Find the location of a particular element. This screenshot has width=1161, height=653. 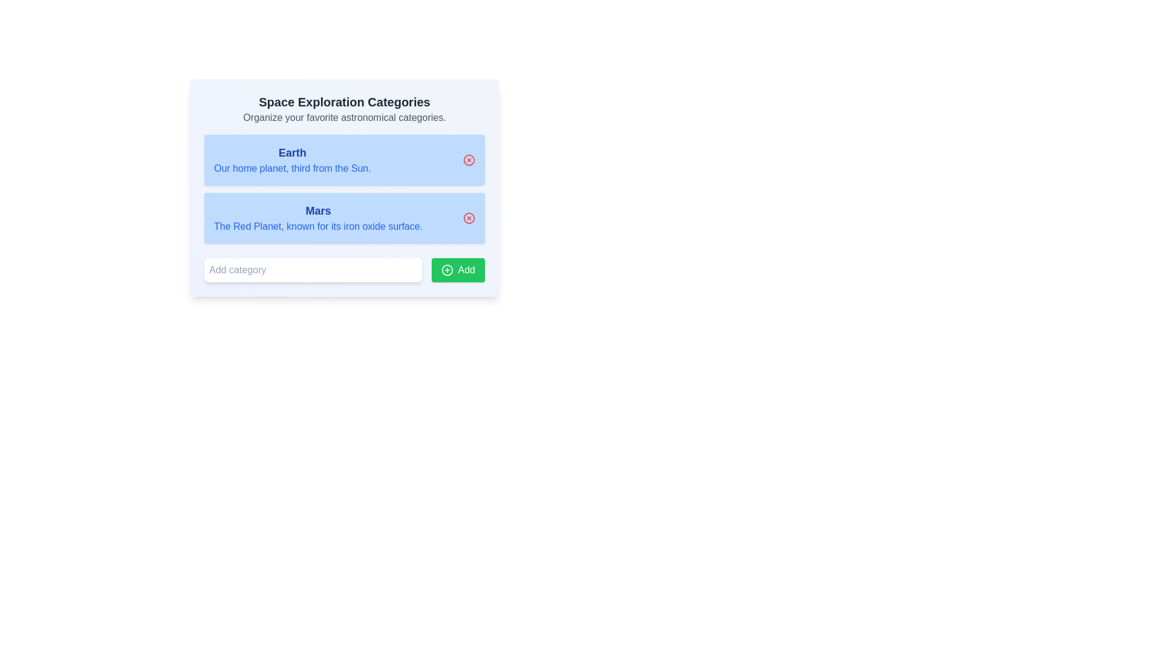

information display about the category 'Mars', which is the second element in a vertical list below 'Earth' within a light blue card is located at coordinates (318, 218).